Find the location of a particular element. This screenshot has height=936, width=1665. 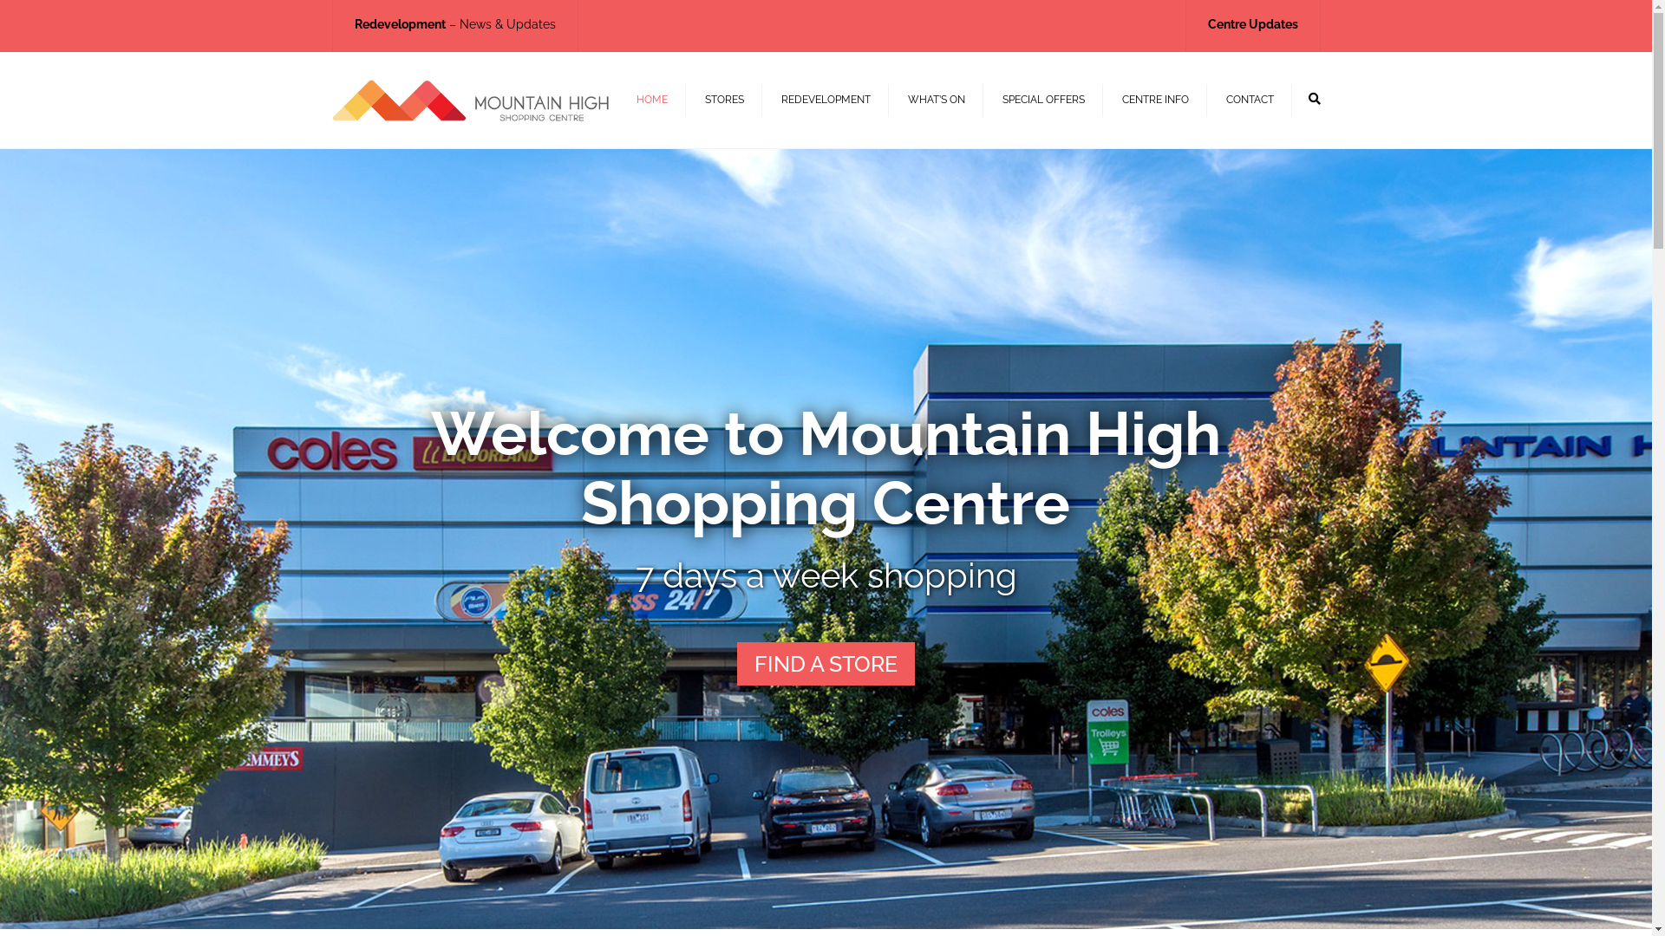

'Centre Updates' is located at coordinates (1252, 23).